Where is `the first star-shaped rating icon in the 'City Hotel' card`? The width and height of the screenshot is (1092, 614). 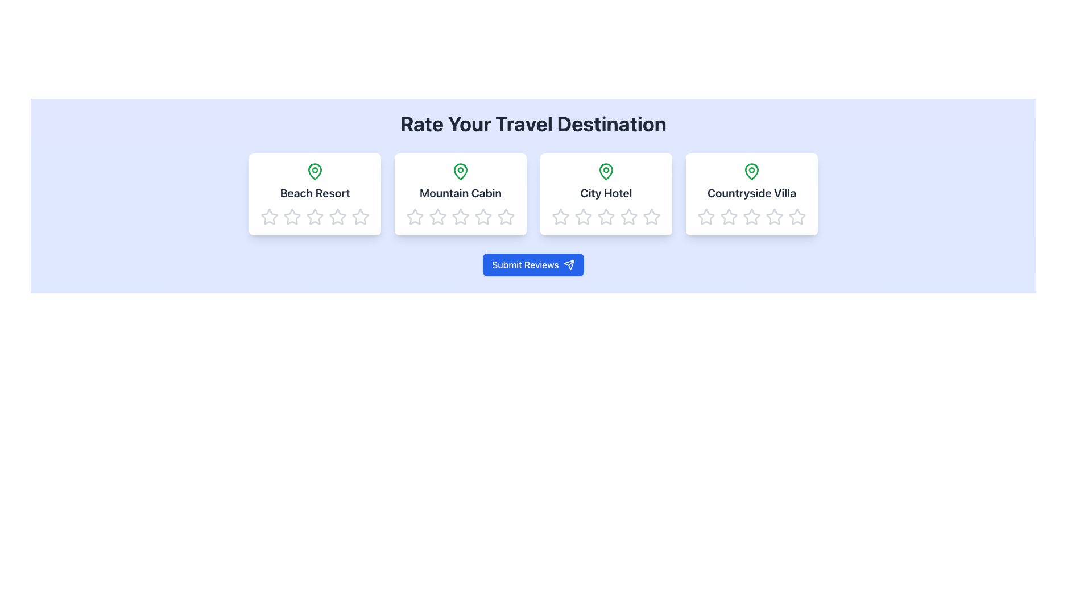 the first star-shaped rating icon in the 'City Hotel' card is located at coordinates (560, 217).